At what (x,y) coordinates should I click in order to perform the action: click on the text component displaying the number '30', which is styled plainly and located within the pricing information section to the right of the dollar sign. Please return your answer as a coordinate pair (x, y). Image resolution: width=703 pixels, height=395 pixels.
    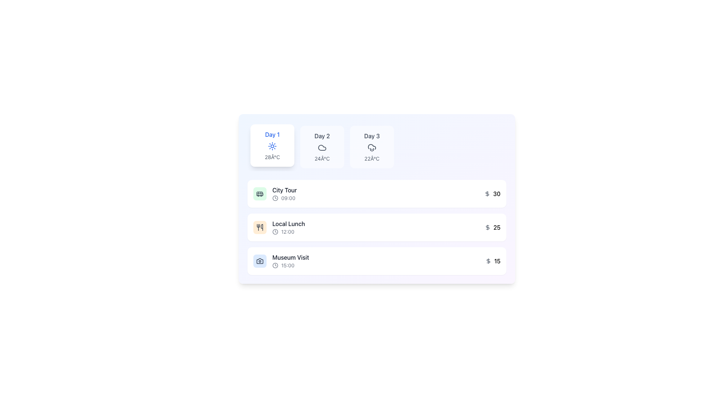
    Looking at the image, I should click on (497, 193).